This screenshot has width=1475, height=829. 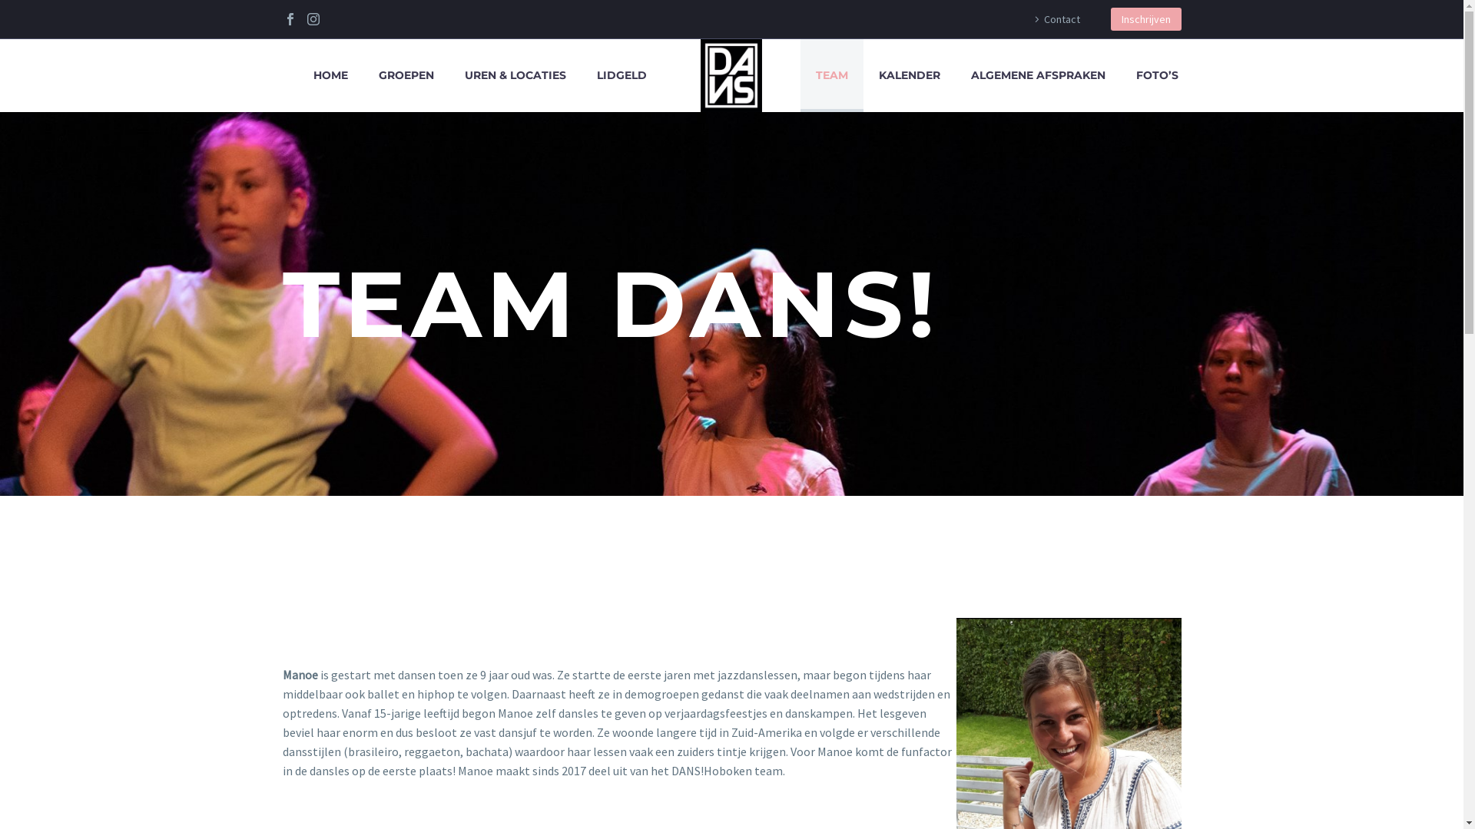 I want to click on 'UREN & LOCATIES', so click(x=449, y=75).